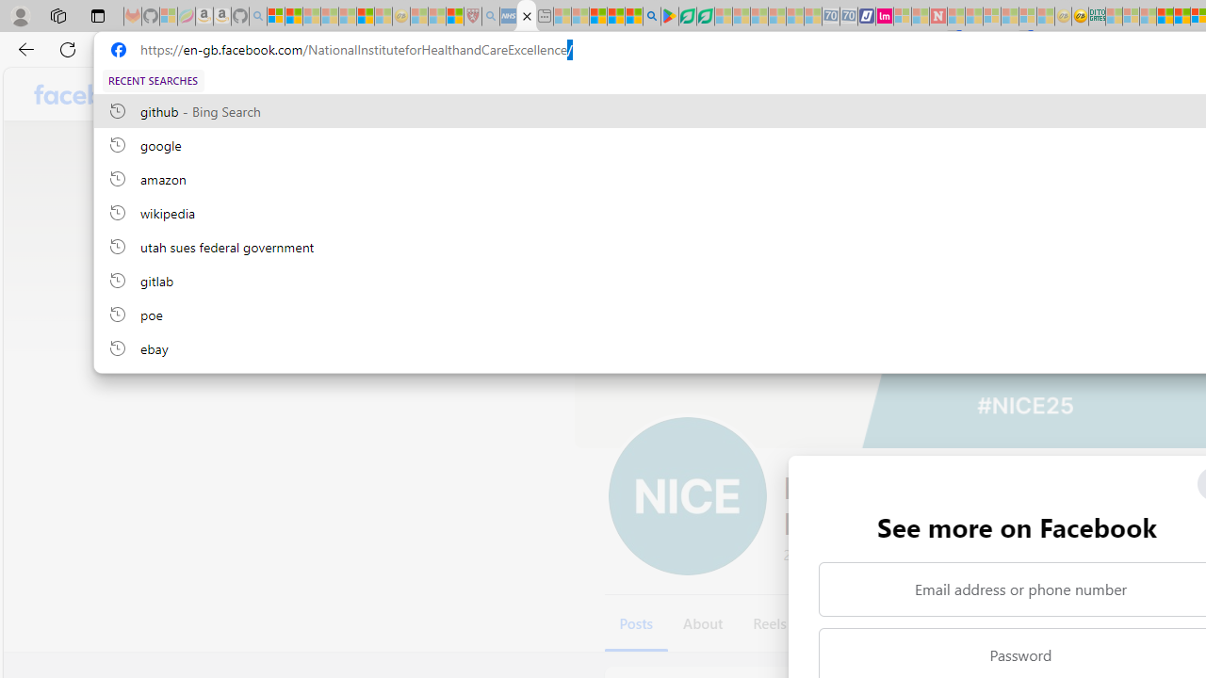 This screenshot has height=678, width=1206. What do you see at coordinates (1164, 16) in the screenshot?
I see `'Expert Portfolios'` at bounding box center [1164, 16].